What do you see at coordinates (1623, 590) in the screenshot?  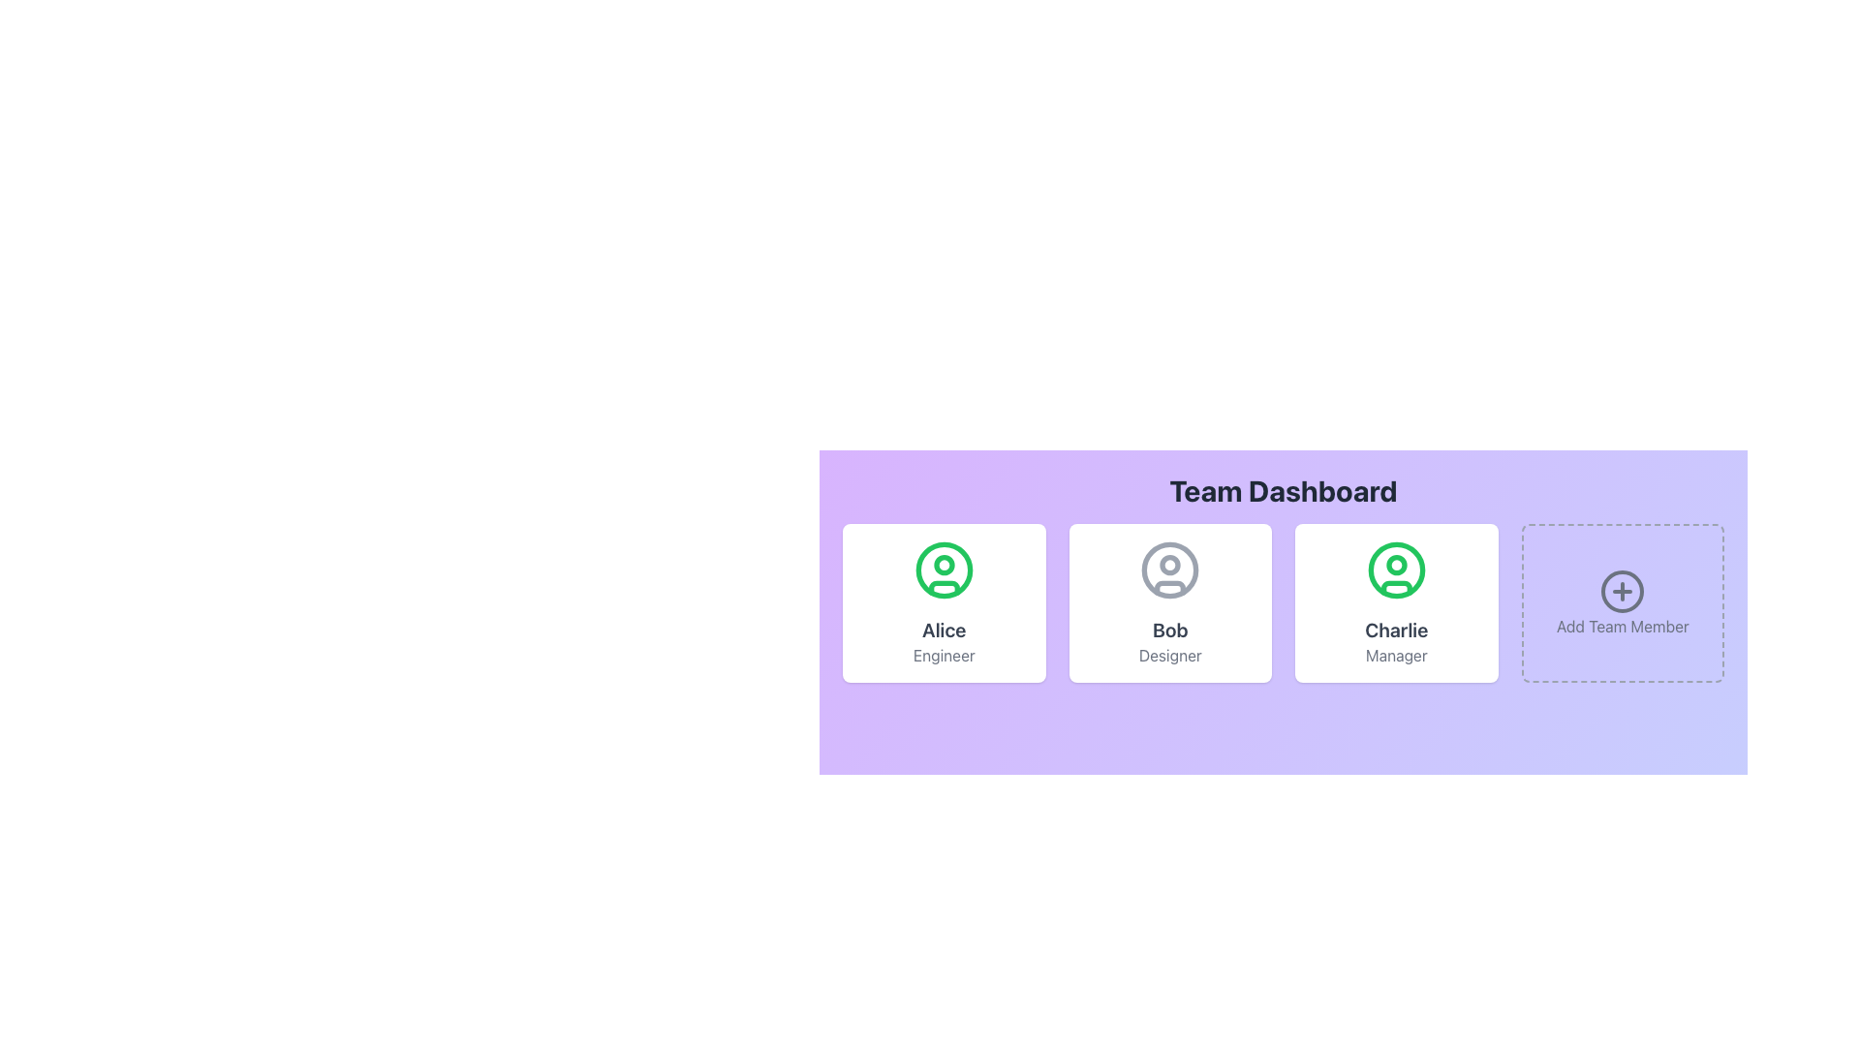 I see `the circular icon component of the 'Add Team Member' option in the purple-themed team dashboard interface` at bounding box center [1623, 590].